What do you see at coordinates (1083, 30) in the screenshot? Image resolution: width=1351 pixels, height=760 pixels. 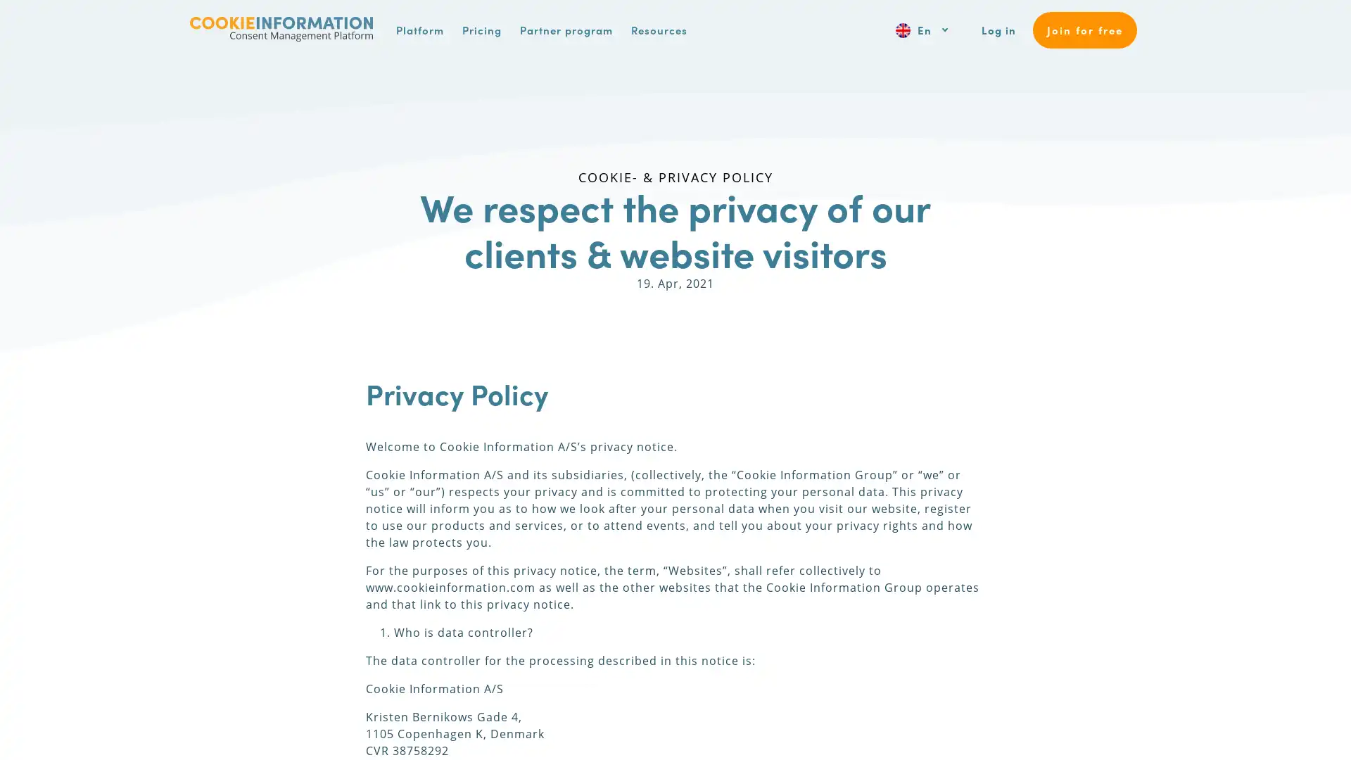 I see `Join for free` at bounding box center [1083, 30].